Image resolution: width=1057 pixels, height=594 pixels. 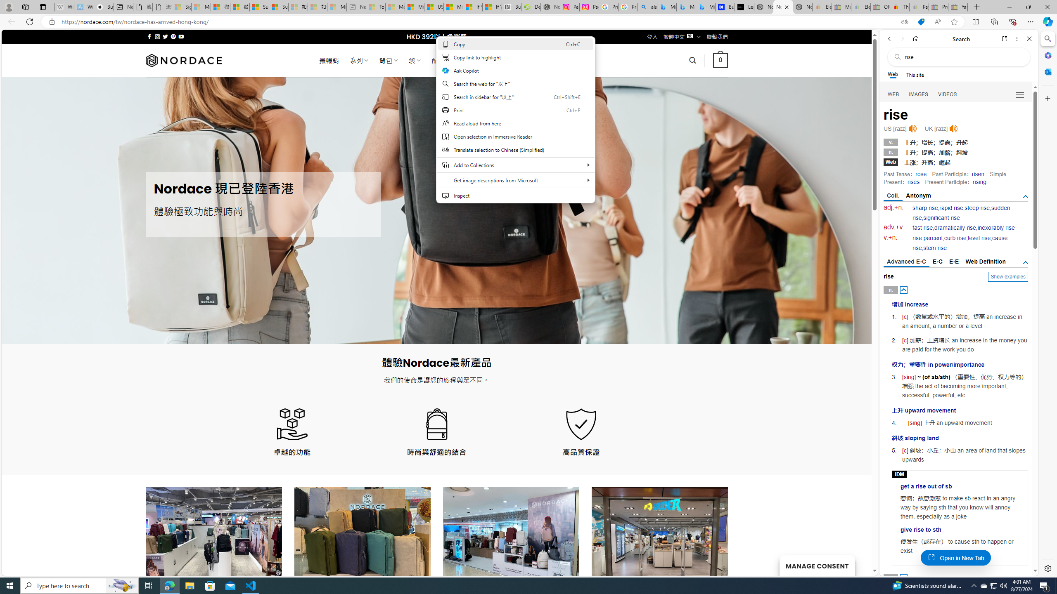 What do you see at coordinates (104, 7) in the screenshot?
I see `'Buy iPad - Apple'` at bounding box center [104, 7].